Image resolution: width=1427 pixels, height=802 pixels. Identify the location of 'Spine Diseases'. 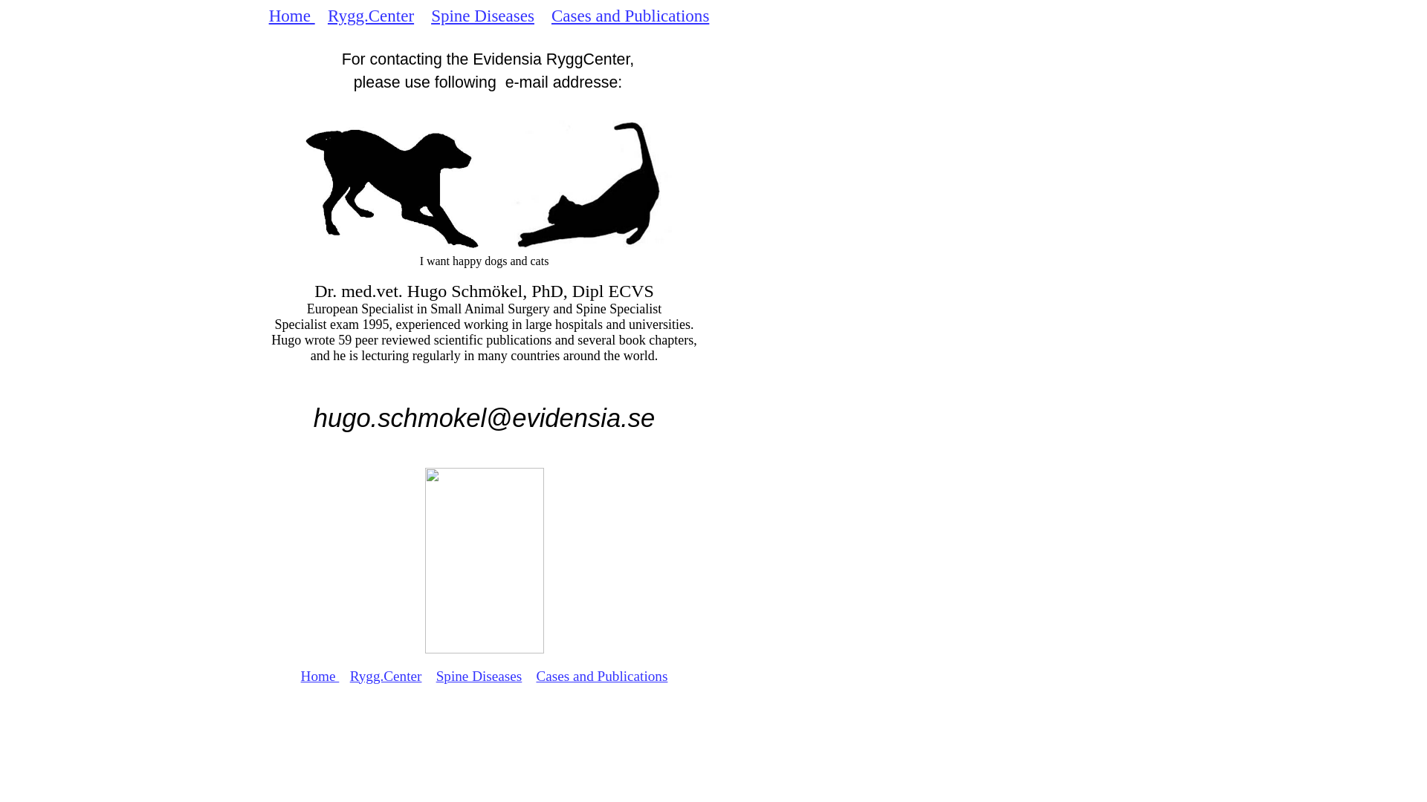
(482, 15).